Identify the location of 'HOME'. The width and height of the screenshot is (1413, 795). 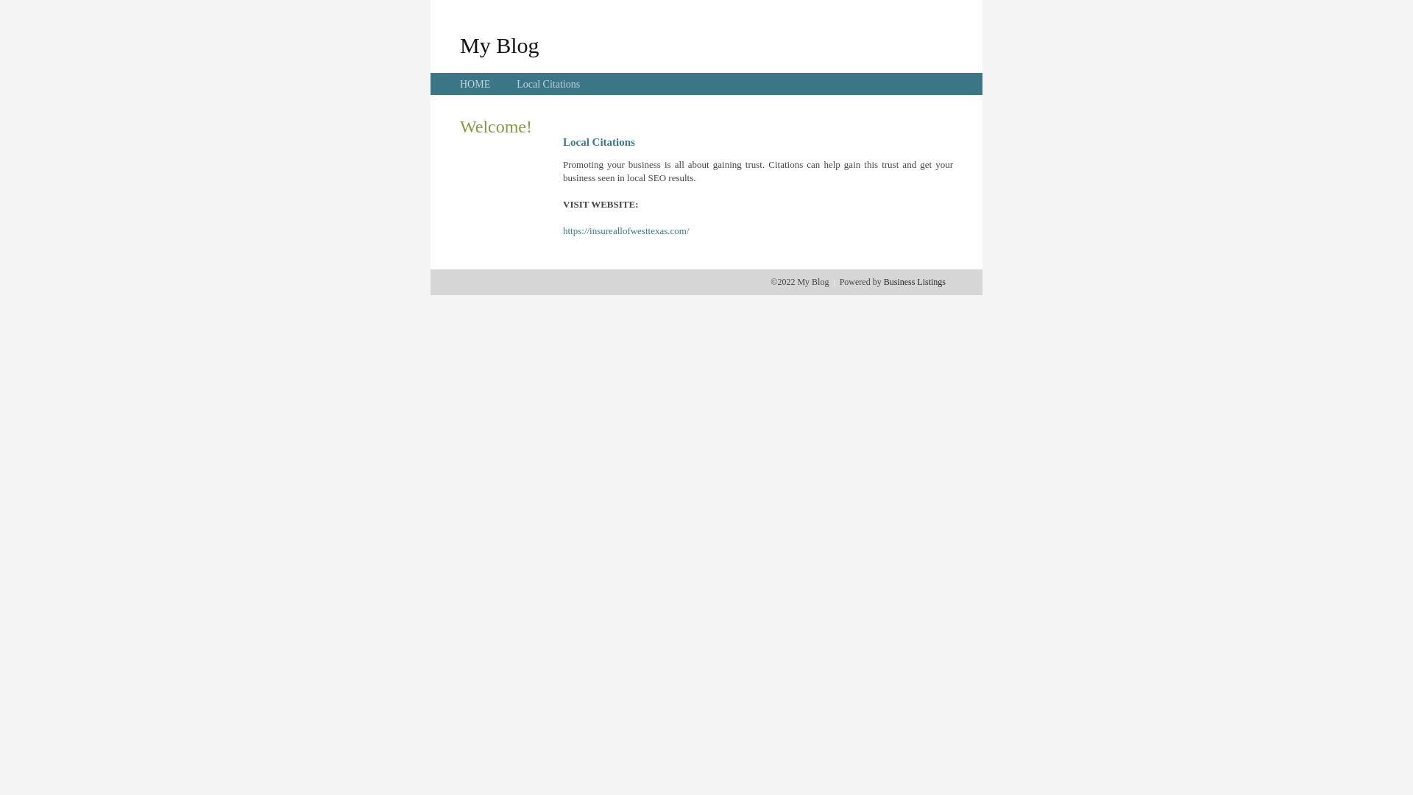
(475, 84).